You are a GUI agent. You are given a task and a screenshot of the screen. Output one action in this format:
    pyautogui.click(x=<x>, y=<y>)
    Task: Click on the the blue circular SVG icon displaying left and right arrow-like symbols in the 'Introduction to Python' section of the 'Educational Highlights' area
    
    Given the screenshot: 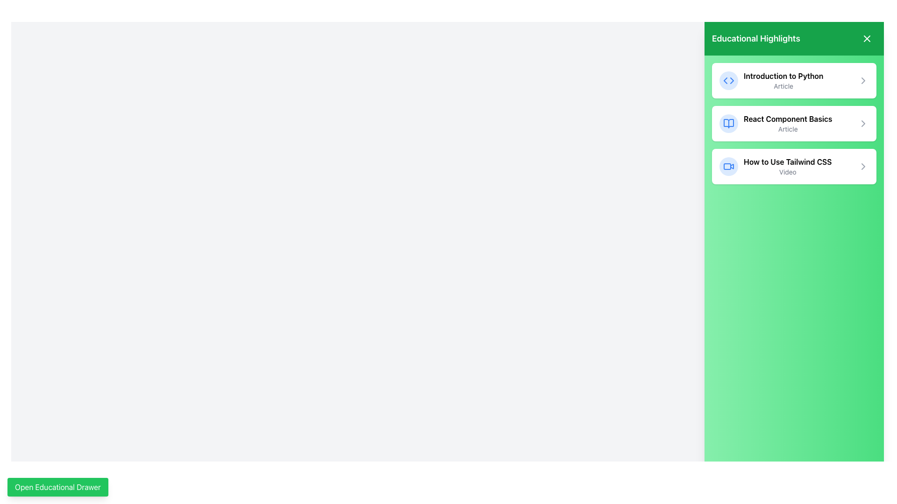 What is the action you would take?
    pyautogui.click(x=728, y=80)
    